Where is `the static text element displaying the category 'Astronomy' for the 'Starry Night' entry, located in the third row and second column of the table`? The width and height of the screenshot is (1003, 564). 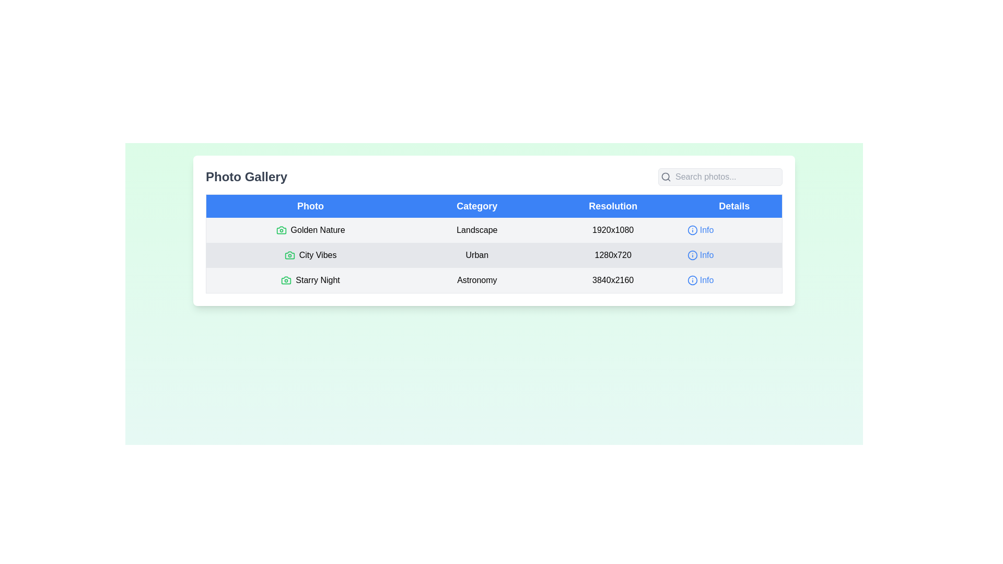 the static text element displaying the category 'Astronomy' for the 'Starry Night' entry, located in the third row and second column of the table is located at coordinates (493, 279).